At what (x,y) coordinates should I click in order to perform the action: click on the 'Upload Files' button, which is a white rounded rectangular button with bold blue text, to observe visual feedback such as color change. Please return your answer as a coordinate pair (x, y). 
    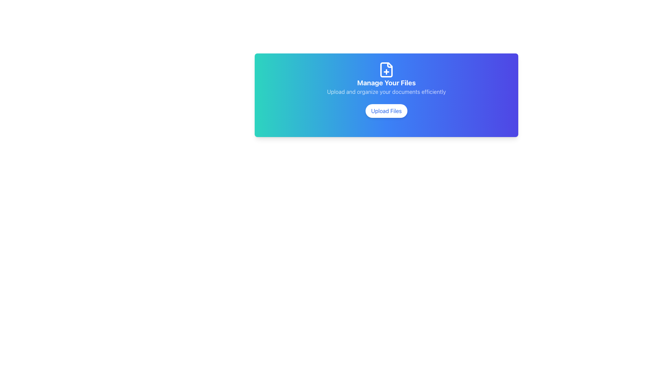
    Looking at the image, I should click on (386, 111).